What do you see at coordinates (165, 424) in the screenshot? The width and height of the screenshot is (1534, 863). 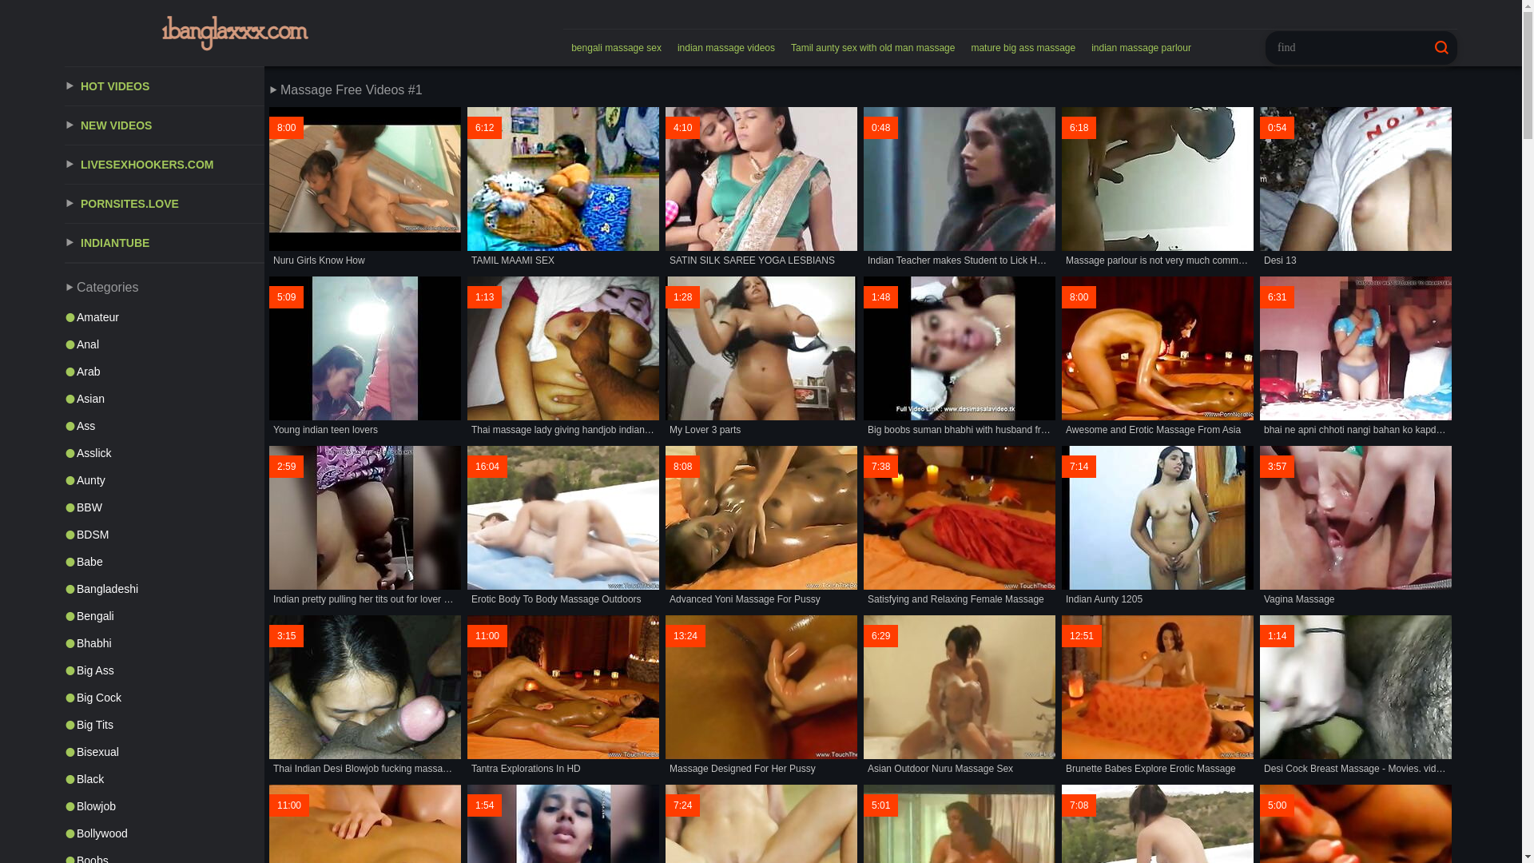 I see `'Ass'` at bounding box center [165, 424].